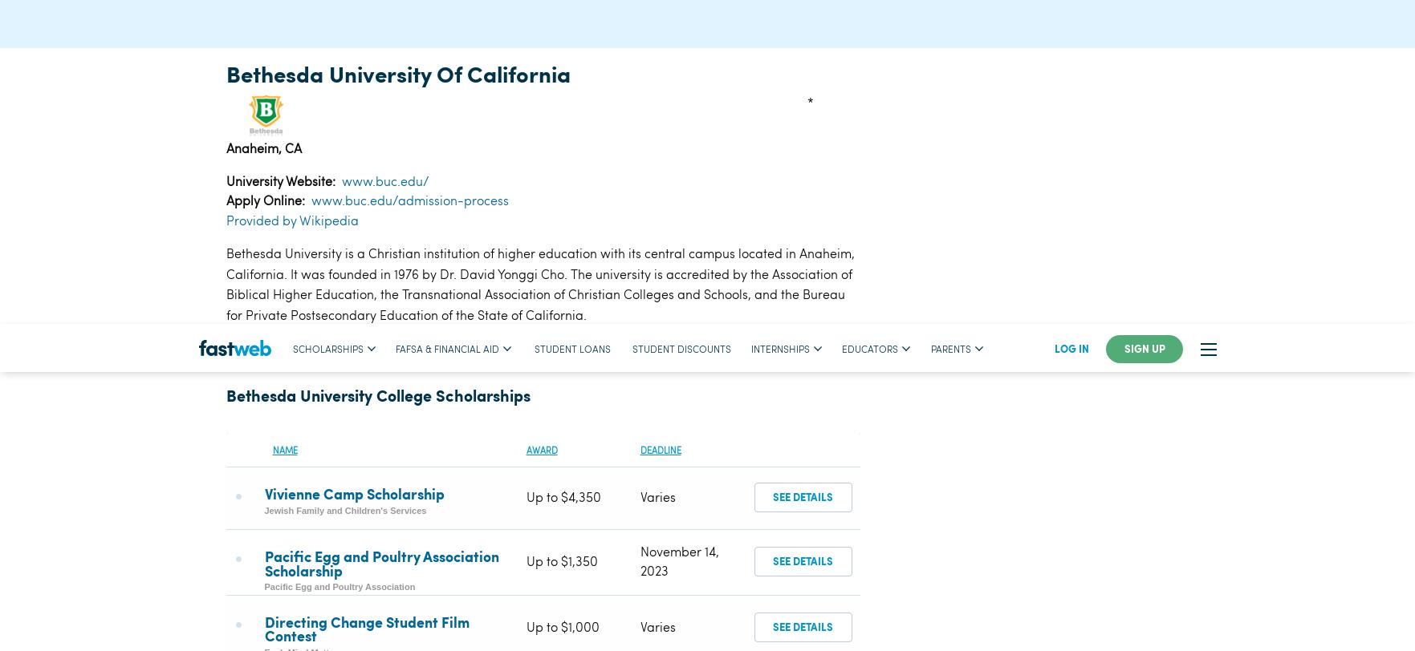 The height and width of the screenshot is (651, 1415). What do you see at coordinates (525, 125) in the screenshot?
I see `'award'` at bounding box center [525, 125].